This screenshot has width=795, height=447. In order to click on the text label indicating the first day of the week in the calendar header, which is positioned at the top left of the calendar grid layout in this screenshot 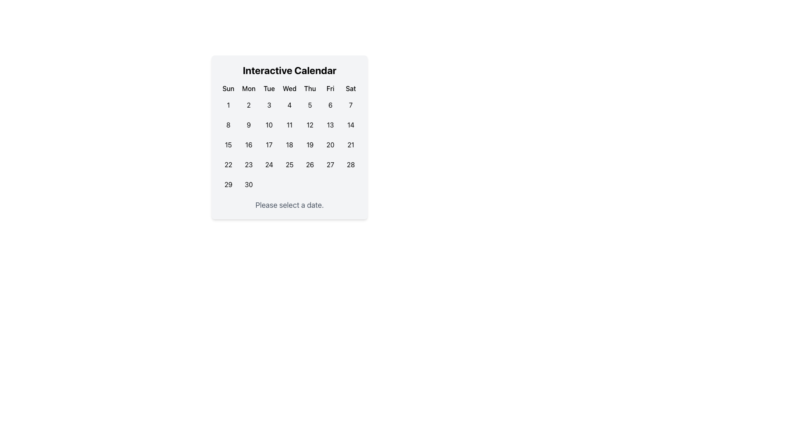, I will do `click(228, 88)`.